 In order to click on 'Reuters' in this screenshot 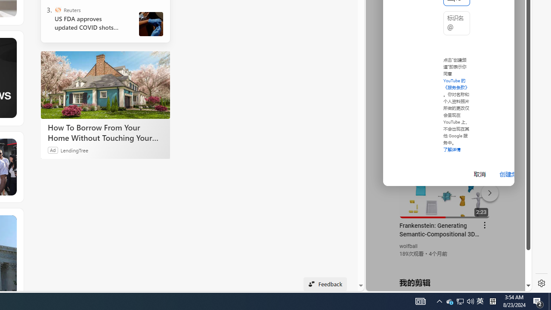, I will do `click(58, 10)`.